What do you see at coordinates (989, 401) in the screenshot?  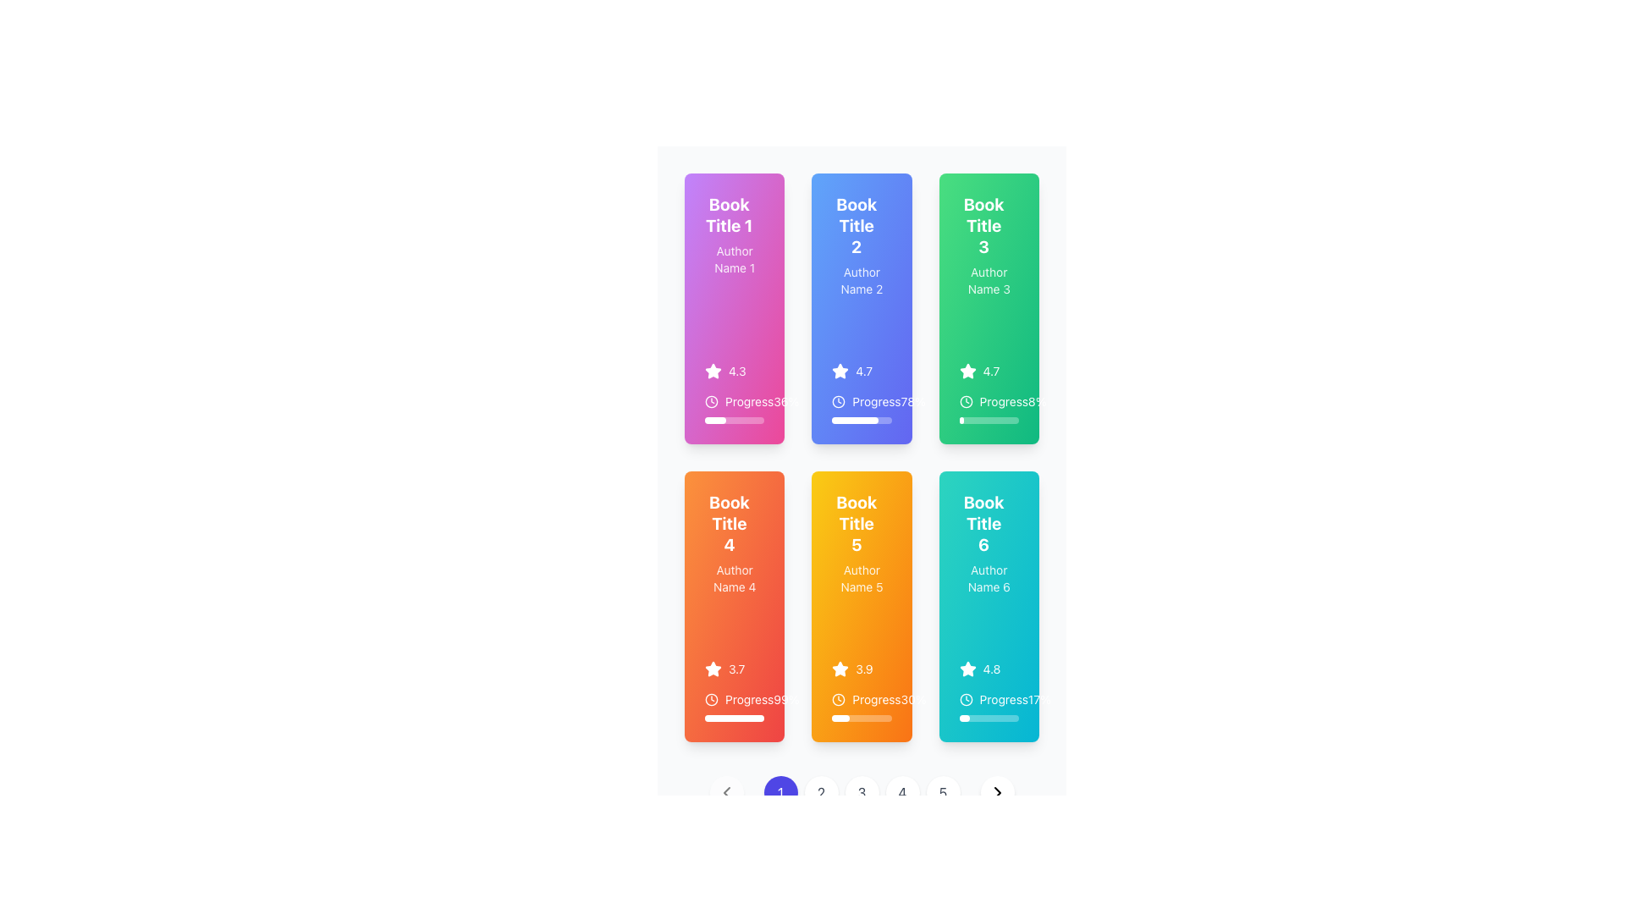 I see `the text label indicating the progress percentage for 'Book Title 3', located within the green card in the first row and third column, positioned below the star rating and above the horizontal progress bar` at bounding box center [989, 401].